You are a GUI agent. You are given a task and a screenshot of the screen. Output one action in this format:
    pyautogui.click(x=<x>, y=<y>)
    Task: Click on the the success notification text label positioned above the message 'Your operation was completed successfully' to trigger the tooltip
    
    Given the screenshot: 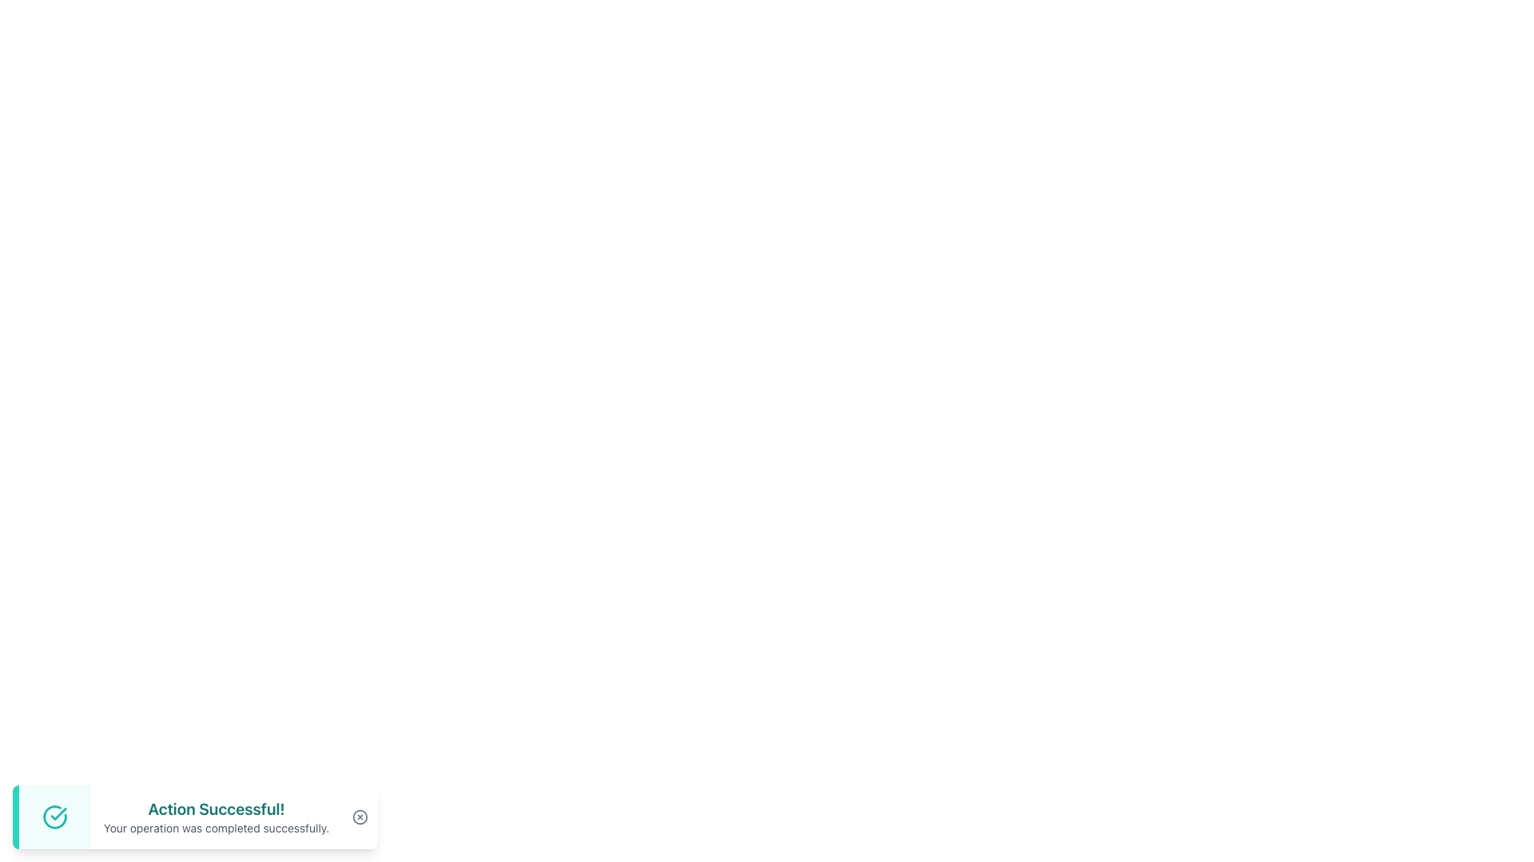 What is the action you would take?
    pyautogui.click(x=216, y=809)
    